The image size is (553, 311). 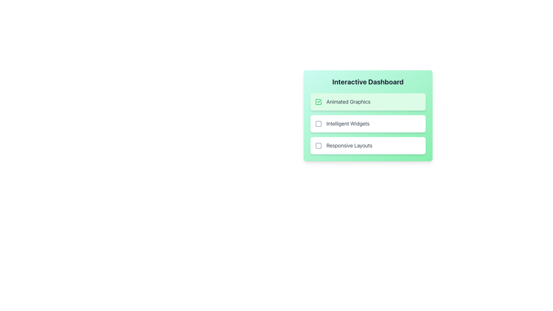 What do you see at coordinates (348, 102) in the screenshot?
I see `the Static Text Label displaying 'Animated Graphics' in a large gray font against a mint green background, which is part of the selectable item in the 'Interactive Dashboard' panel` at bounding box center [348, 102].